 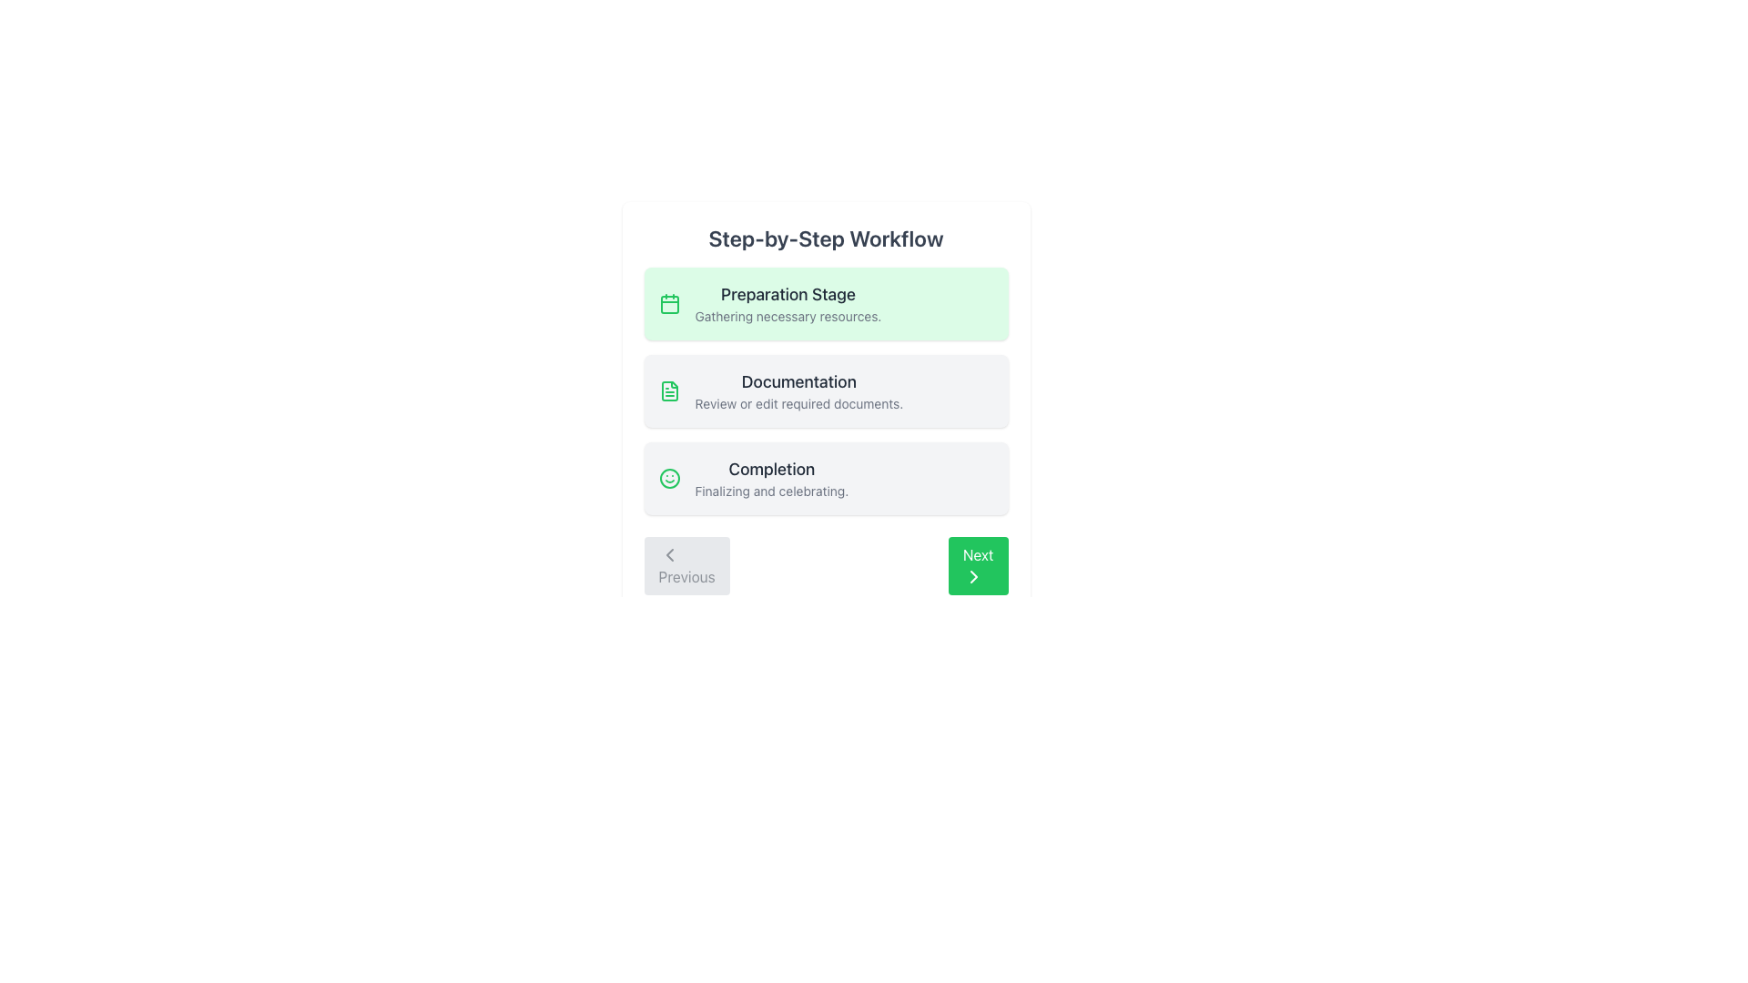 I want to click on the information displayed within the 'Completion' stage descriptive box in the workflow interface, which is the third item in the vertical list of stages, so click(x=825, y=477).